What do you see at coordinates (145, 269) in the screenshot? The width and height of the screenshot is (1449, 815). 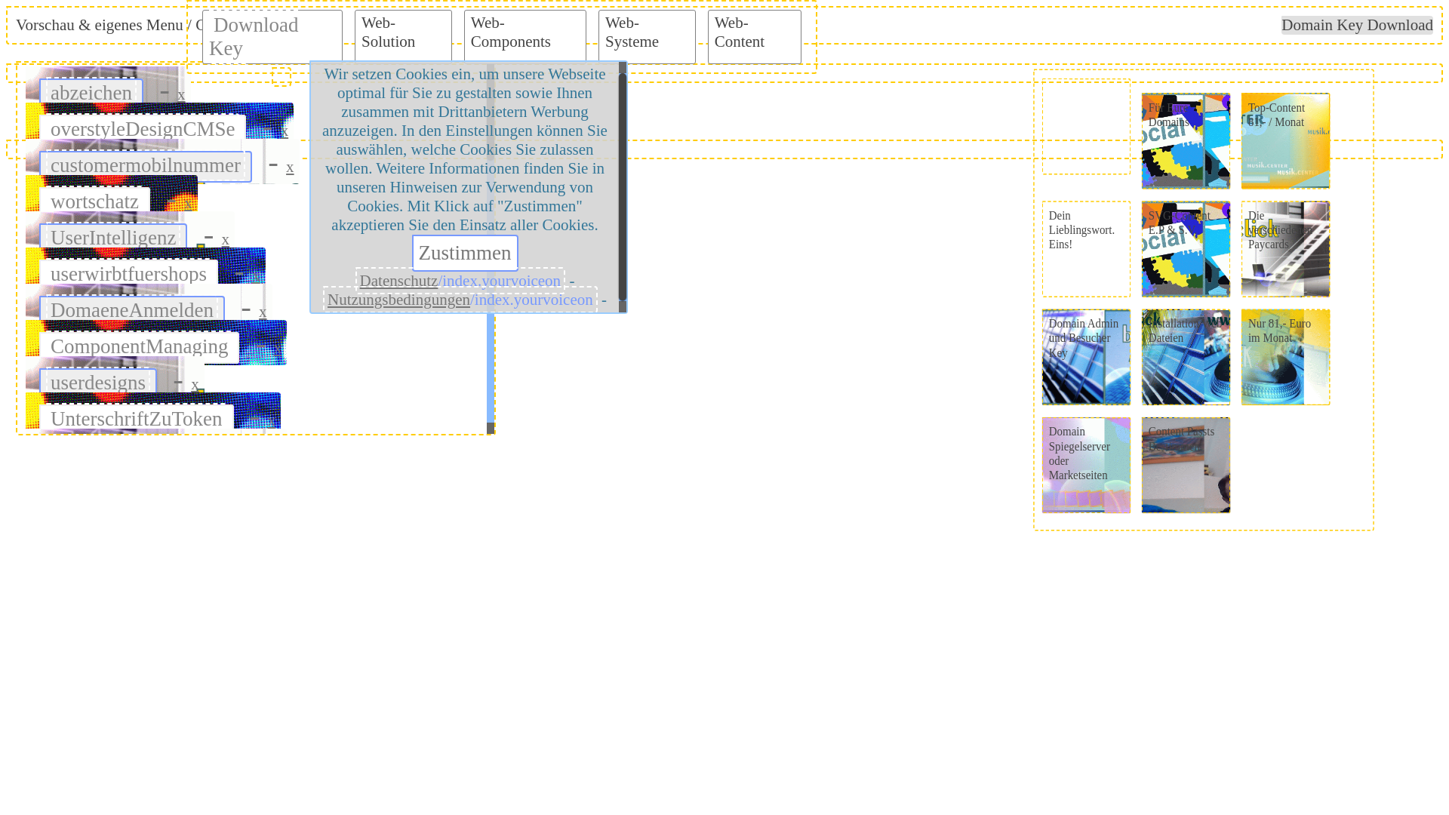 I see `'userwirbtfuershops - x'` at bounding box center [145, 269].